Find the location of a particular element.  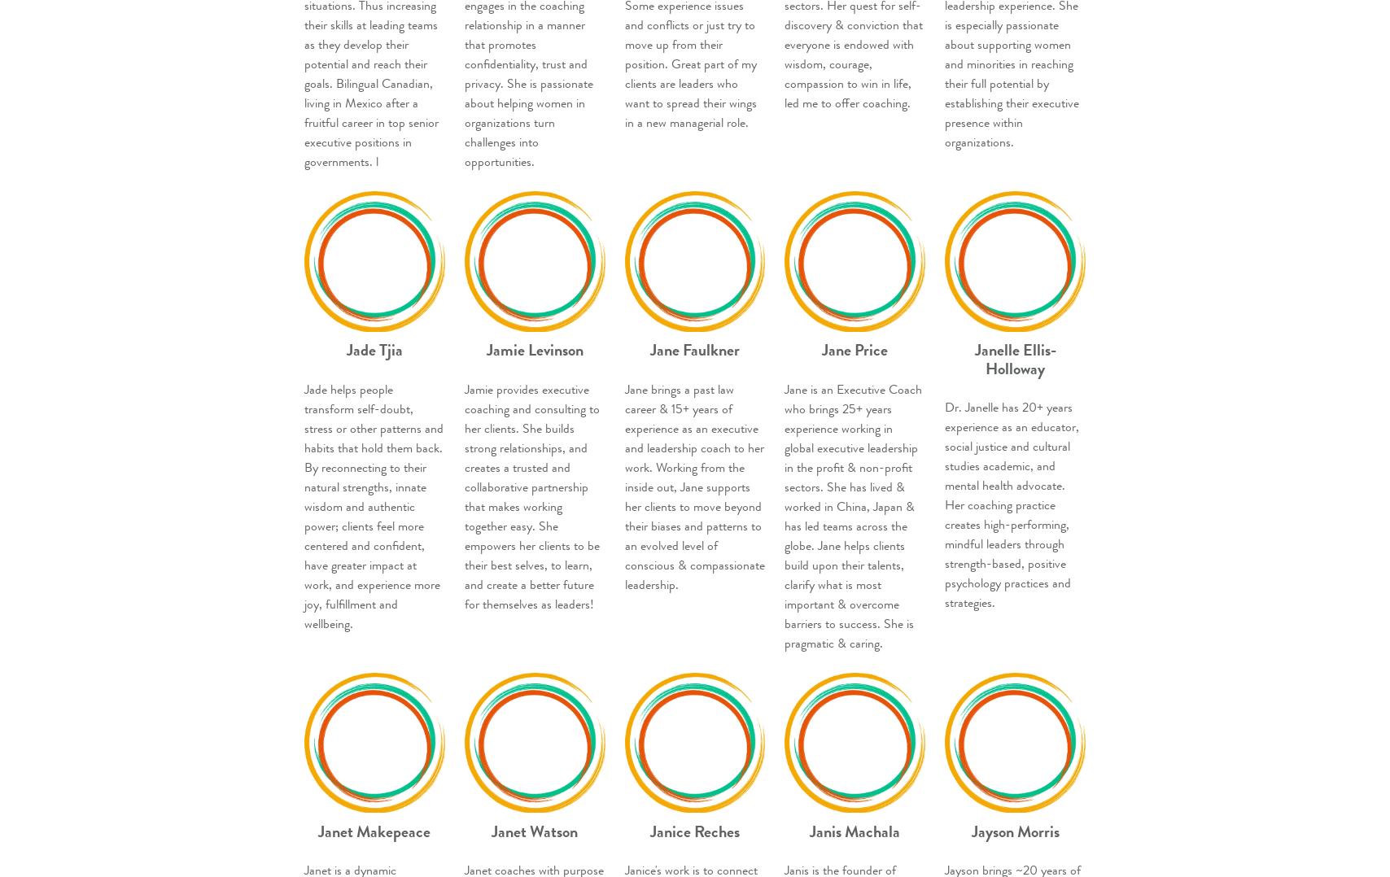

'Janice Reches' is located at coordinates (693, 830).